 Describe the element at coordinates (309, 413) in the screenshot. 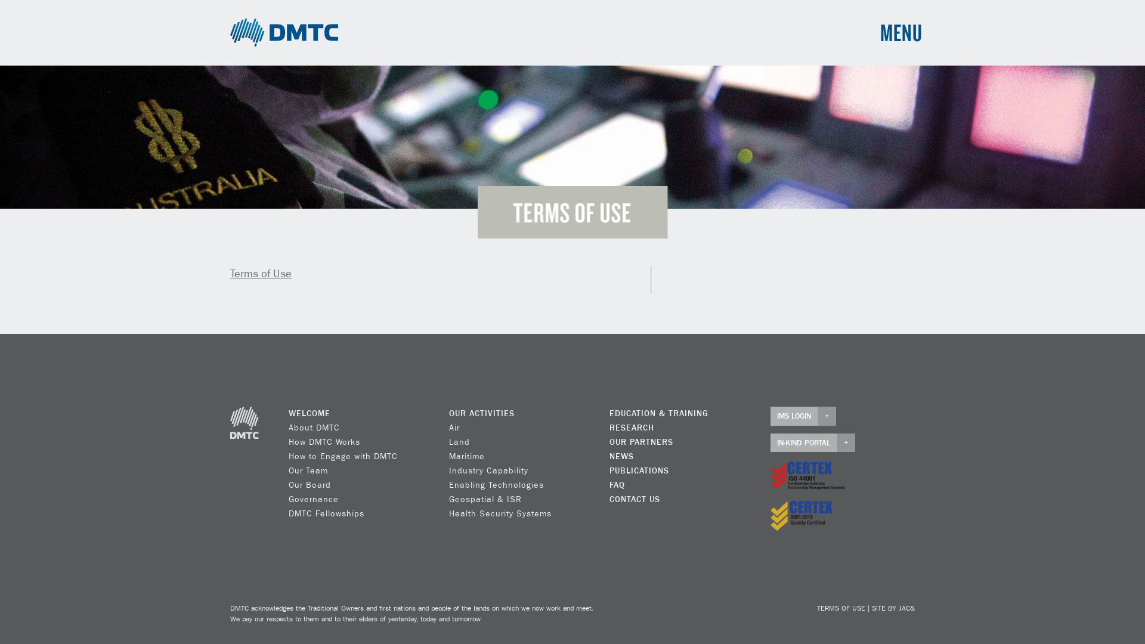

I see `'WELCOME'` at that location.